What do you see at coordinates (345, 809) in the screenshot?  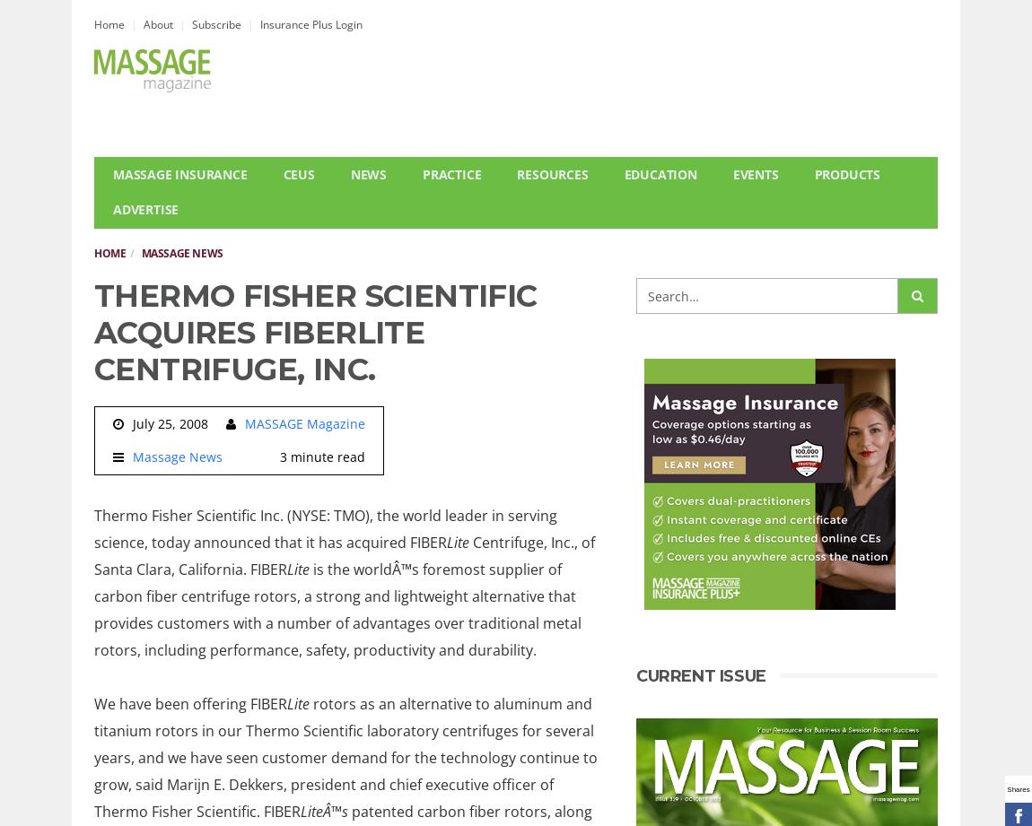 I see `'s'` at bounding box center [345, 809].